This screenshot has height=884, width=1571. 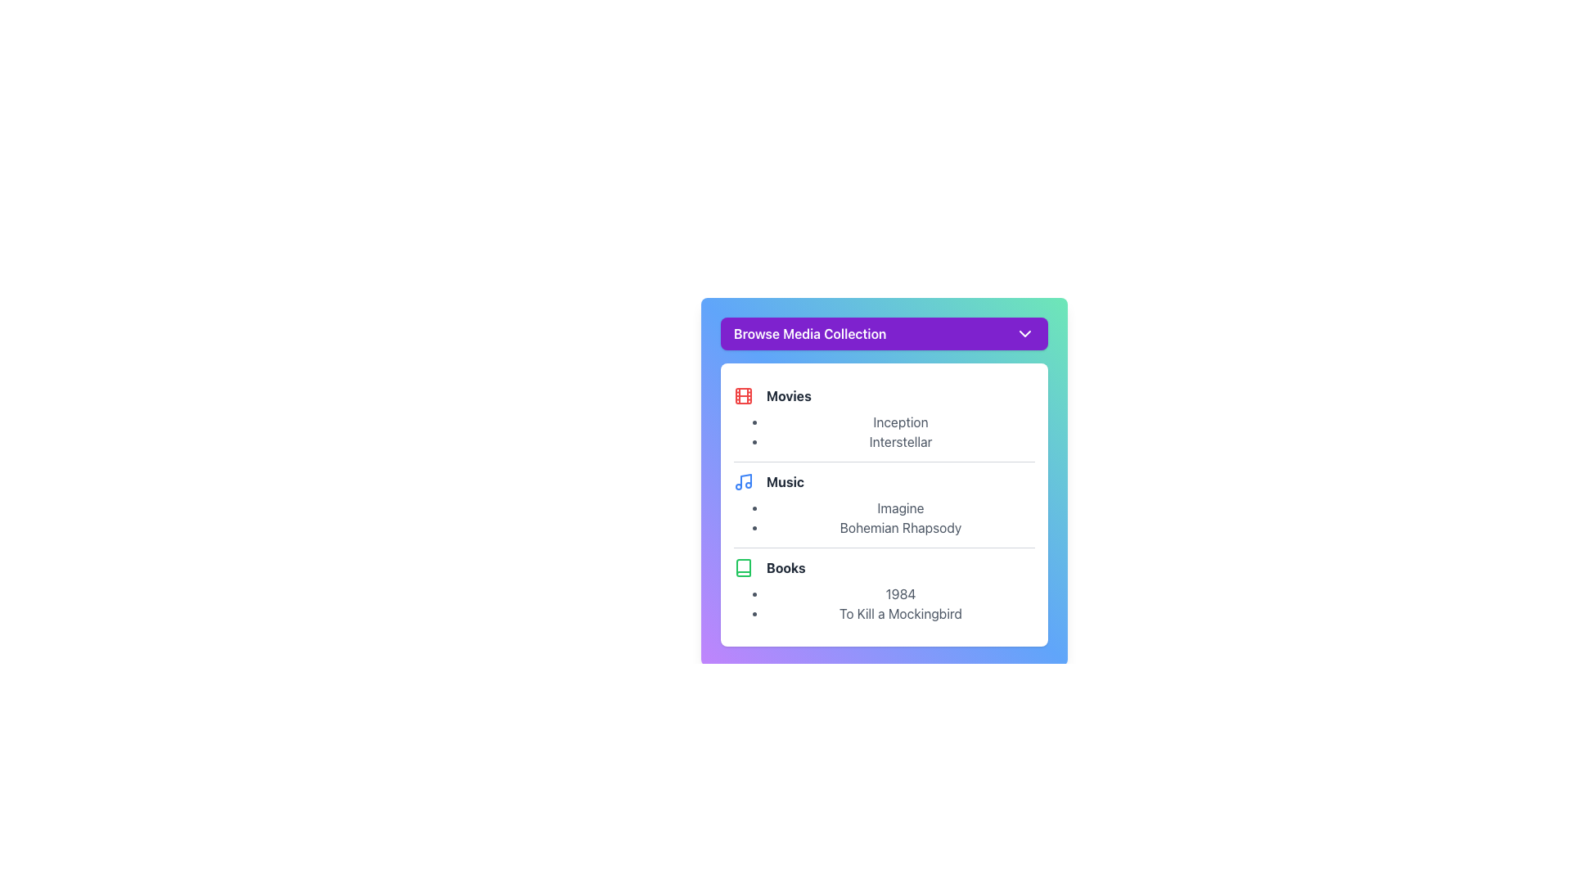 What do you see at coordinates (899, 422) in the screenshot?
I see `the static text element reading 'Inception' in gray, which is the first item in the bulleted list under the 'Movies' section of the card-like UI panel` at bounding box center [899, 422].